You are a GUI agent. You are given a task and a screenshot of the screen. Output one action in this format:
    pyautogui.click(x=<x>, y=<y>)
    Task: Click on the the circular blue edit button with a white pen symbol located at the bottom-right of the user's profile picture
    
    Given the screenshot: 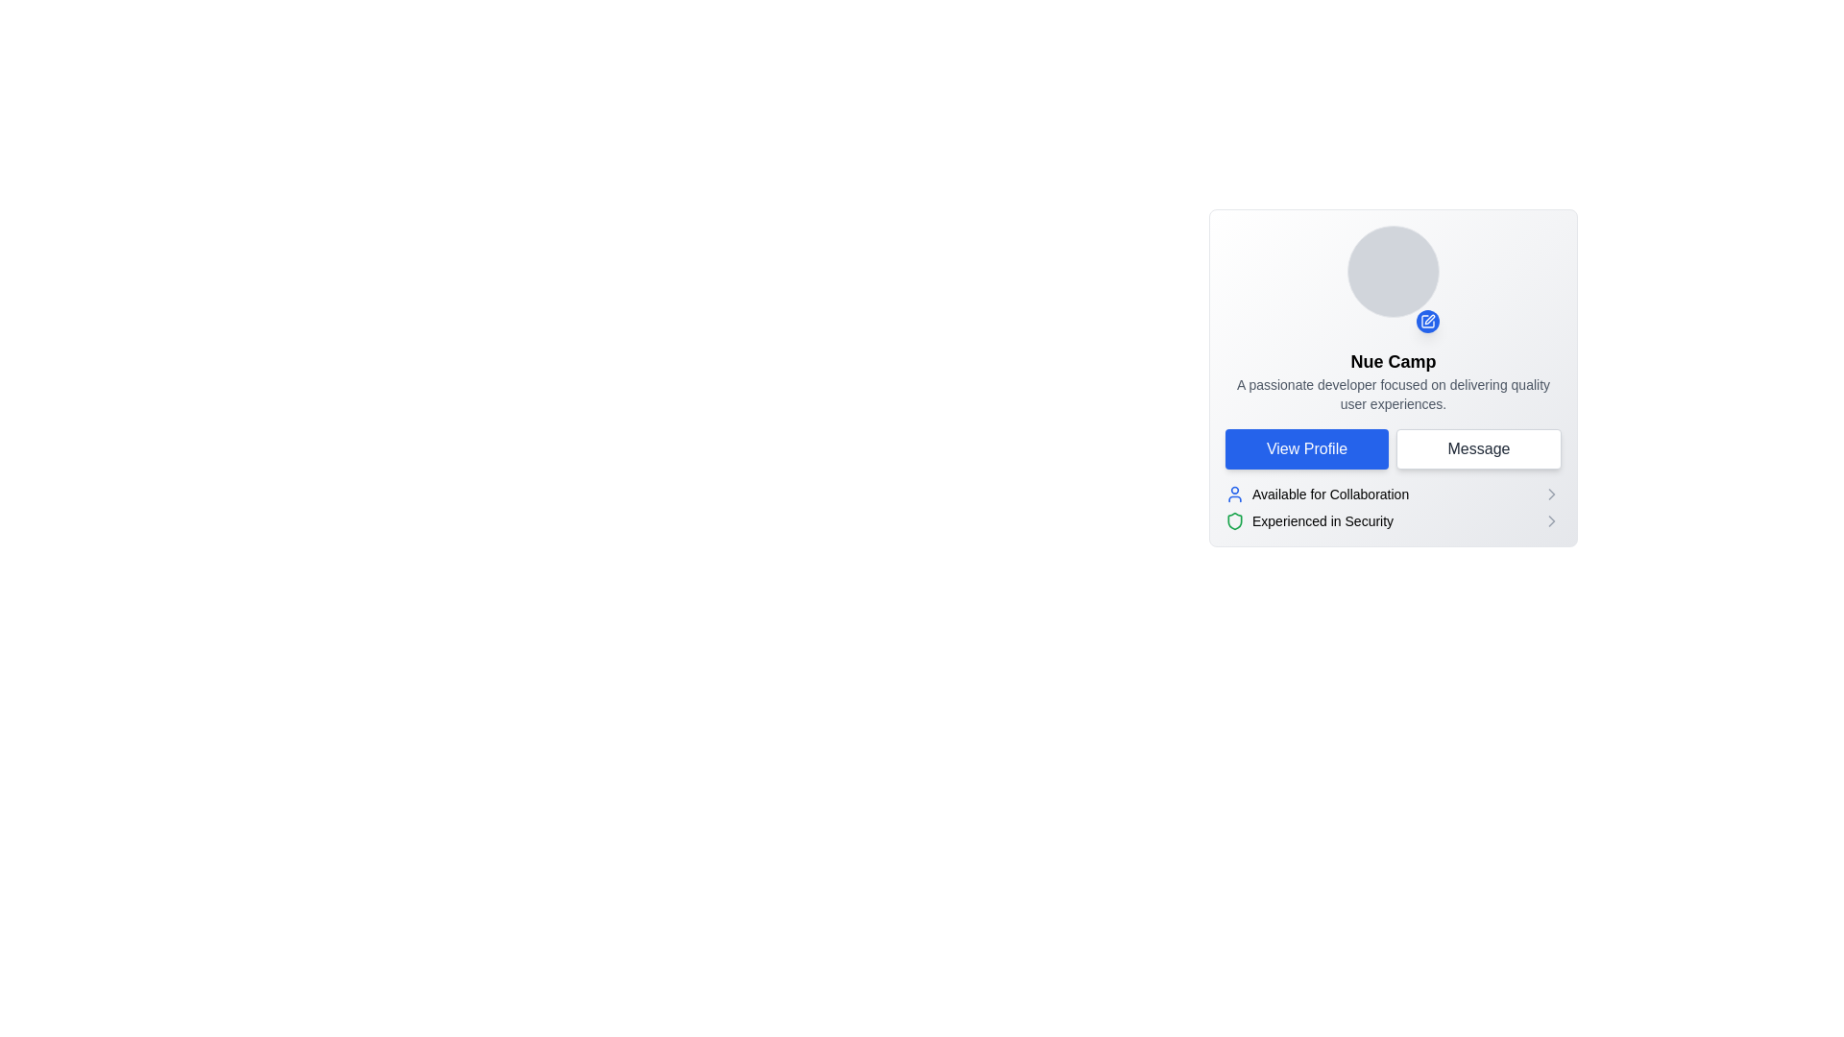 What is the action you would take?
    pyautogui.click(x=1428, y=321)
    